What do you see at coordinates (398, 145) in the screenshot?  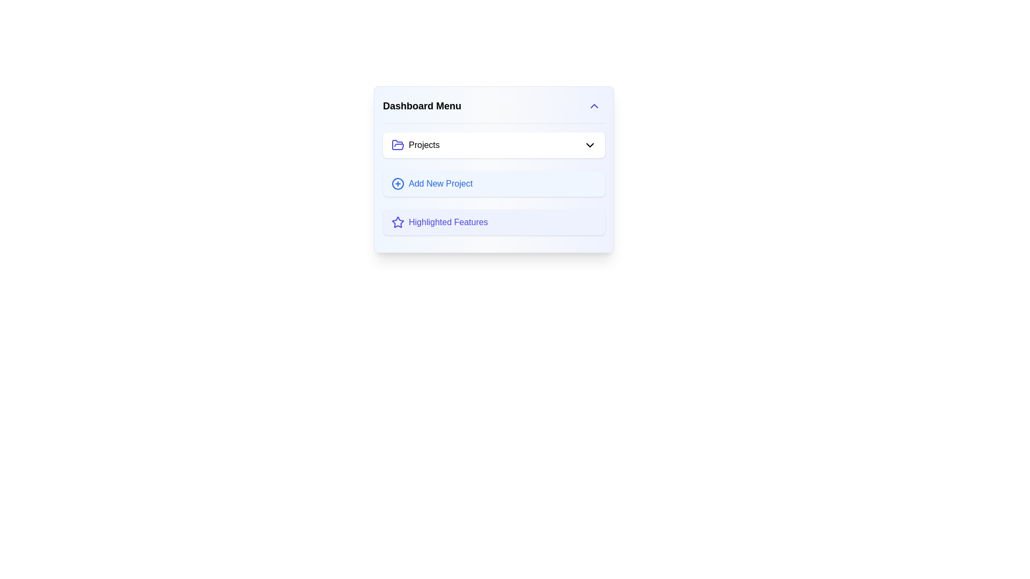 I see `the 'Projects' menu item icon located in the topmost list item of the 'Dashboard Menu' to interact with the dropdown for managing projects` at bounding box center [398, 145].